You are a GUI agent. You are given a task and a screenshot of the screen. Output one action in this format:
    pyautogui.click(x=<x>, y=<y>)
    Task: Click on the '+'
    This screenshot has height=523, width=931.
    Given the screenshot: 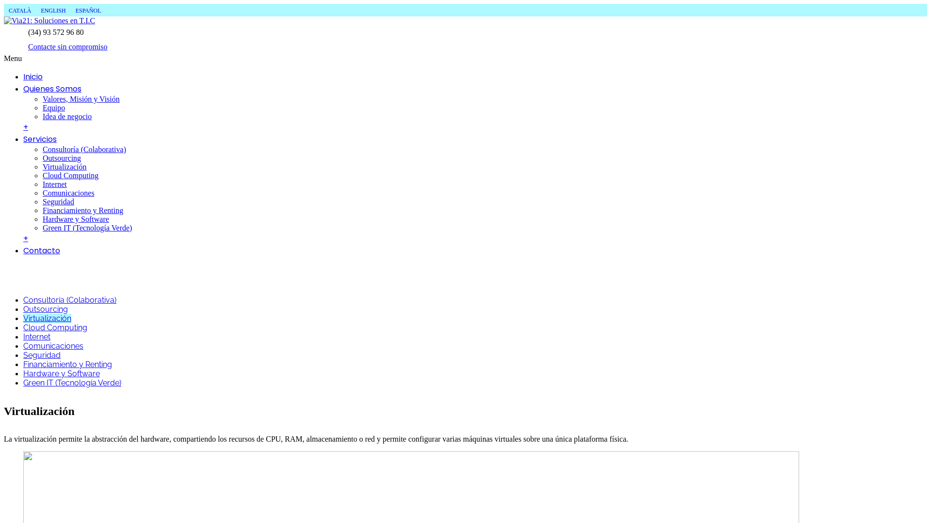 What is the action you would take?
    pyautogui.click(x=25, y=238)
    